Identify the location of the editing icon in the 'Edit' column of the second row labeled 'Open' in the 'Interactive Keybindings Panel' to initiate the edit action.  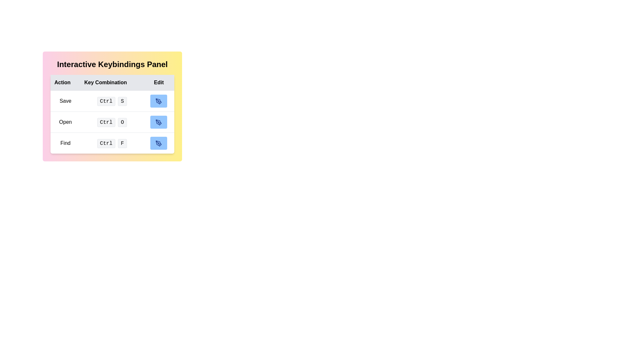
(159, 122).